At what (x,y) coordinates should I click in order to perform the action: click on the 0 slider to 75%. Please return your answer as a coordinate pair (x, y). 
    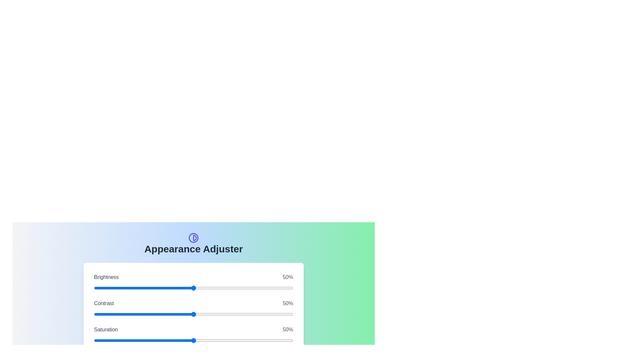
    Looking at the image, I should click on (268, 288).